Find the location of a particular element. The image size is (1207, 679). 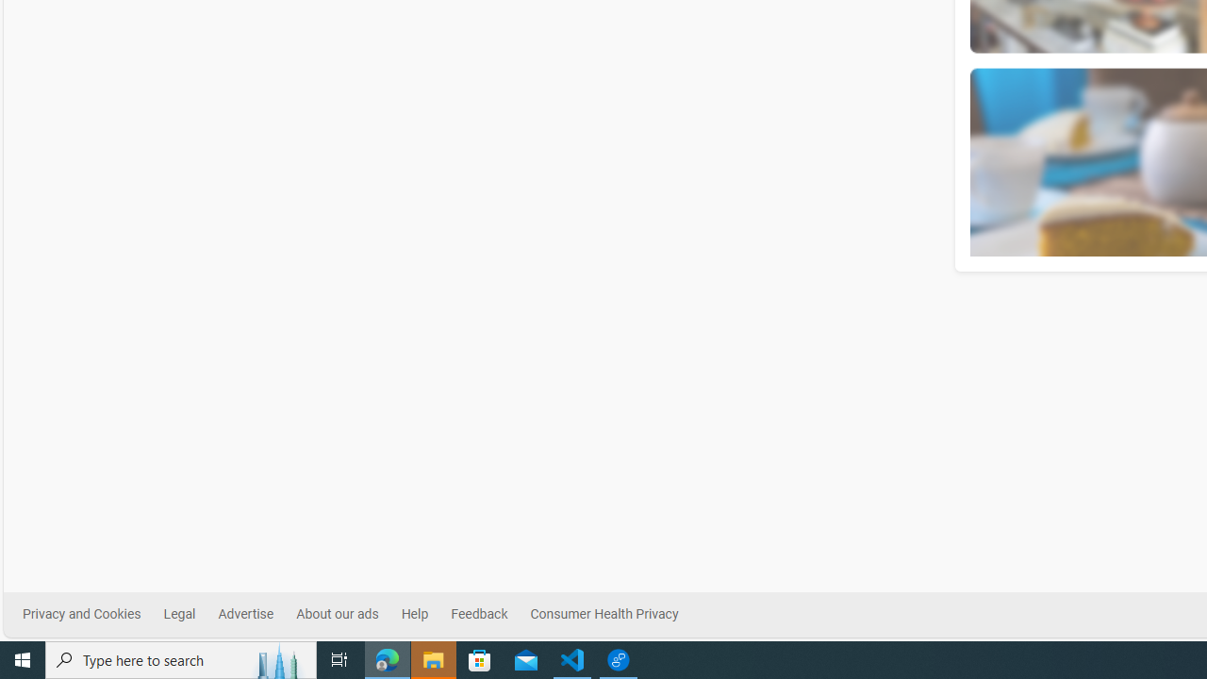

'Legal' is located at coordinates (179, 614).